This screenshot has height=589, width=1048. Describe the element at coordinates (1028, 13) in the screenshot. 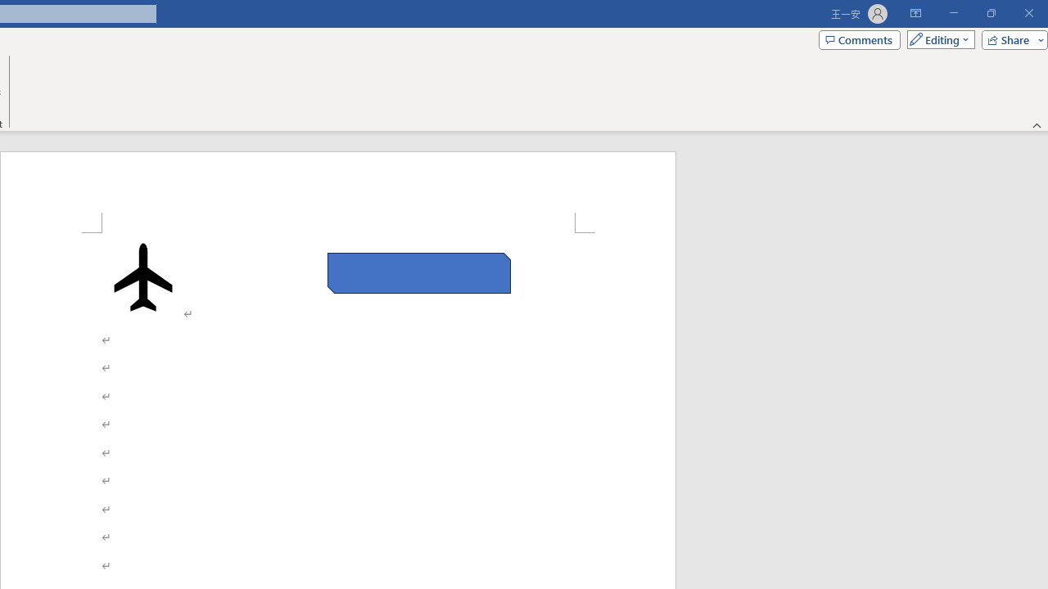

I see `'Close'` at that location.